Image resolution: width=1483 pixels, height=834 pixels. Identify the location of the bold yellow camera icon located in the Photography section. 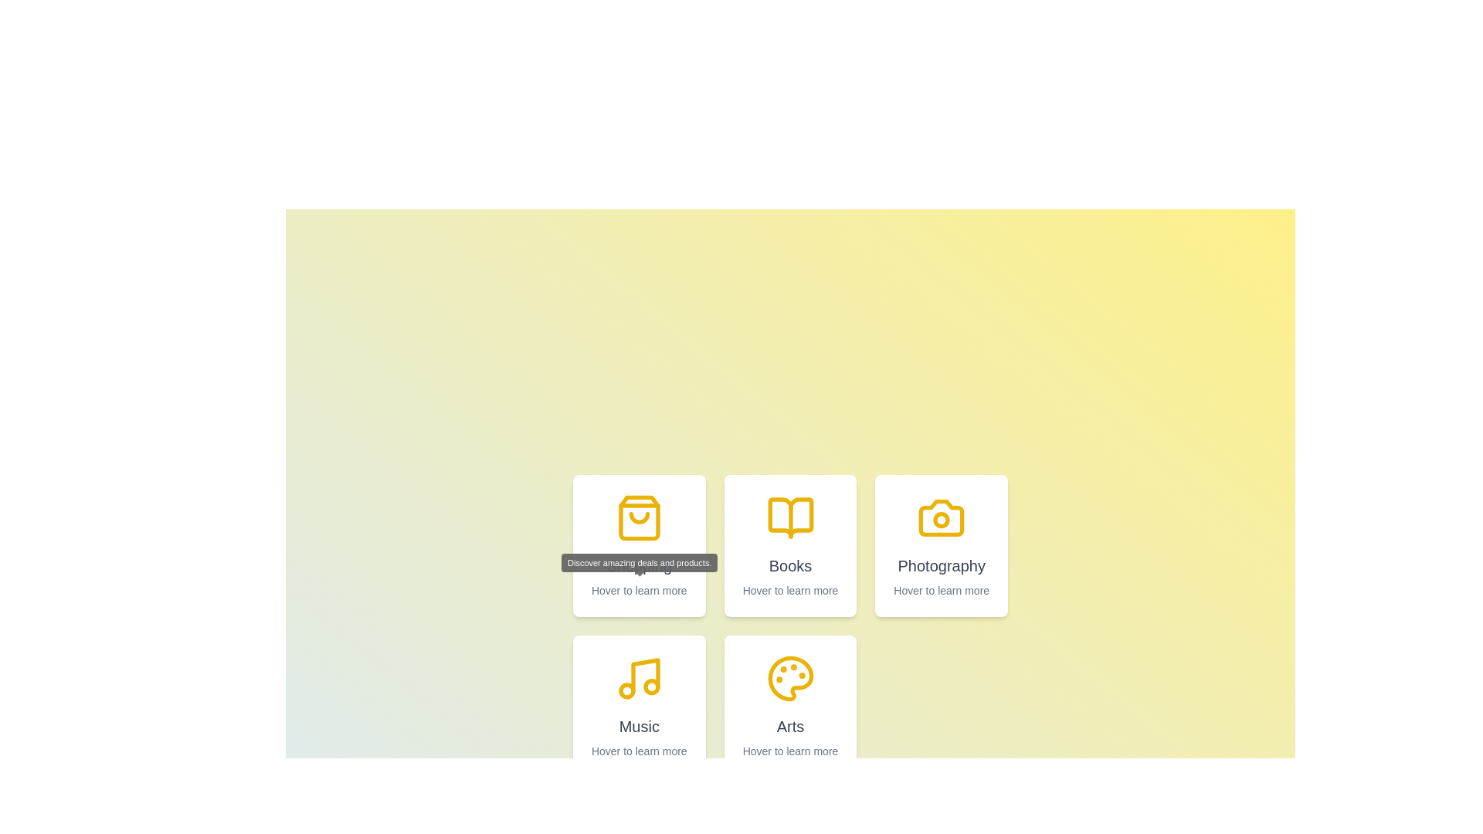
(941, 518).